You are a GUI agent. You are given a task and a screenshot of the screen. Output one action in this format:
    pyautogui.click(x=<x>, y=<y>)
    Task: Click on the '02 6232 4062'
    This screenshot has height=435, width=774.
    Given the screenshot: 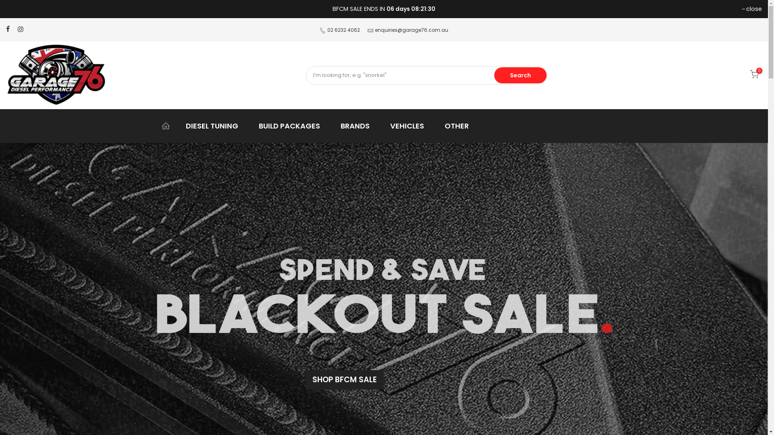 What is the action you would take?
    pyautogui.click(x=343, y=29)
    